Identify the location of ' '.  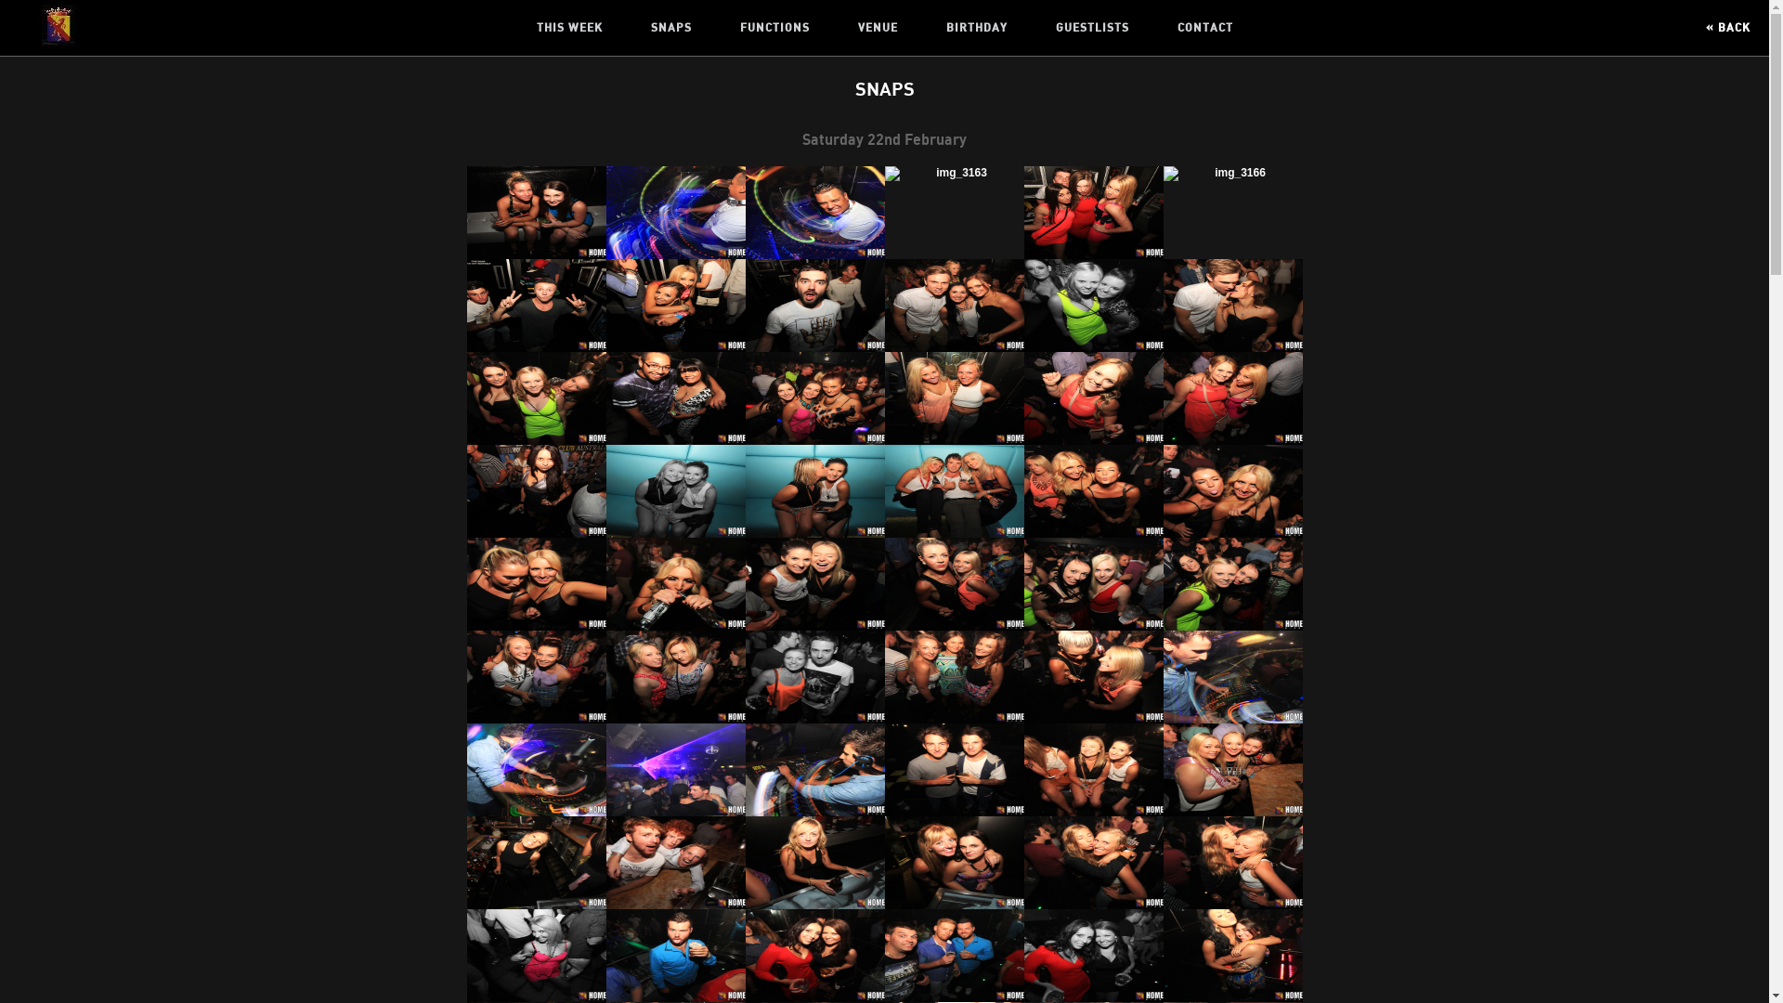
(673, 863).